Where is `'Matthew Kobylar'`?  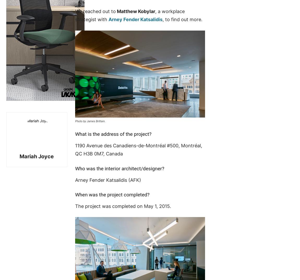 'Matthew Kobylar' is located at coordinates (135, 11).